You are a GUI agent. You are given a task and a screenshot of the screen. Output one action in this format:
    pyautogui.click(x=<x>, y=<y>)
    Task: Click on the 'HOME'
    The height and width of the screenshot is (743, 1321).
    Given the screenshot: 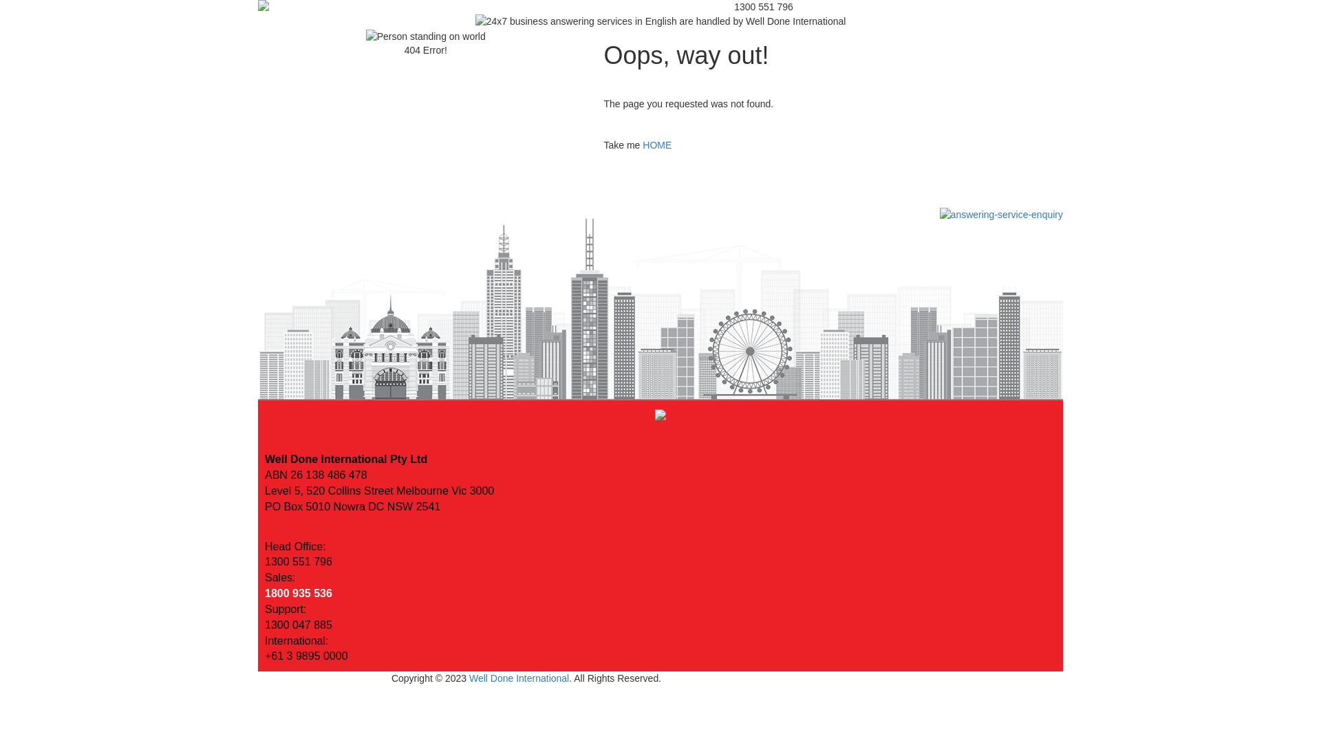 What is the action you would take?
    pyautogui.click(x=656, y=145)
    